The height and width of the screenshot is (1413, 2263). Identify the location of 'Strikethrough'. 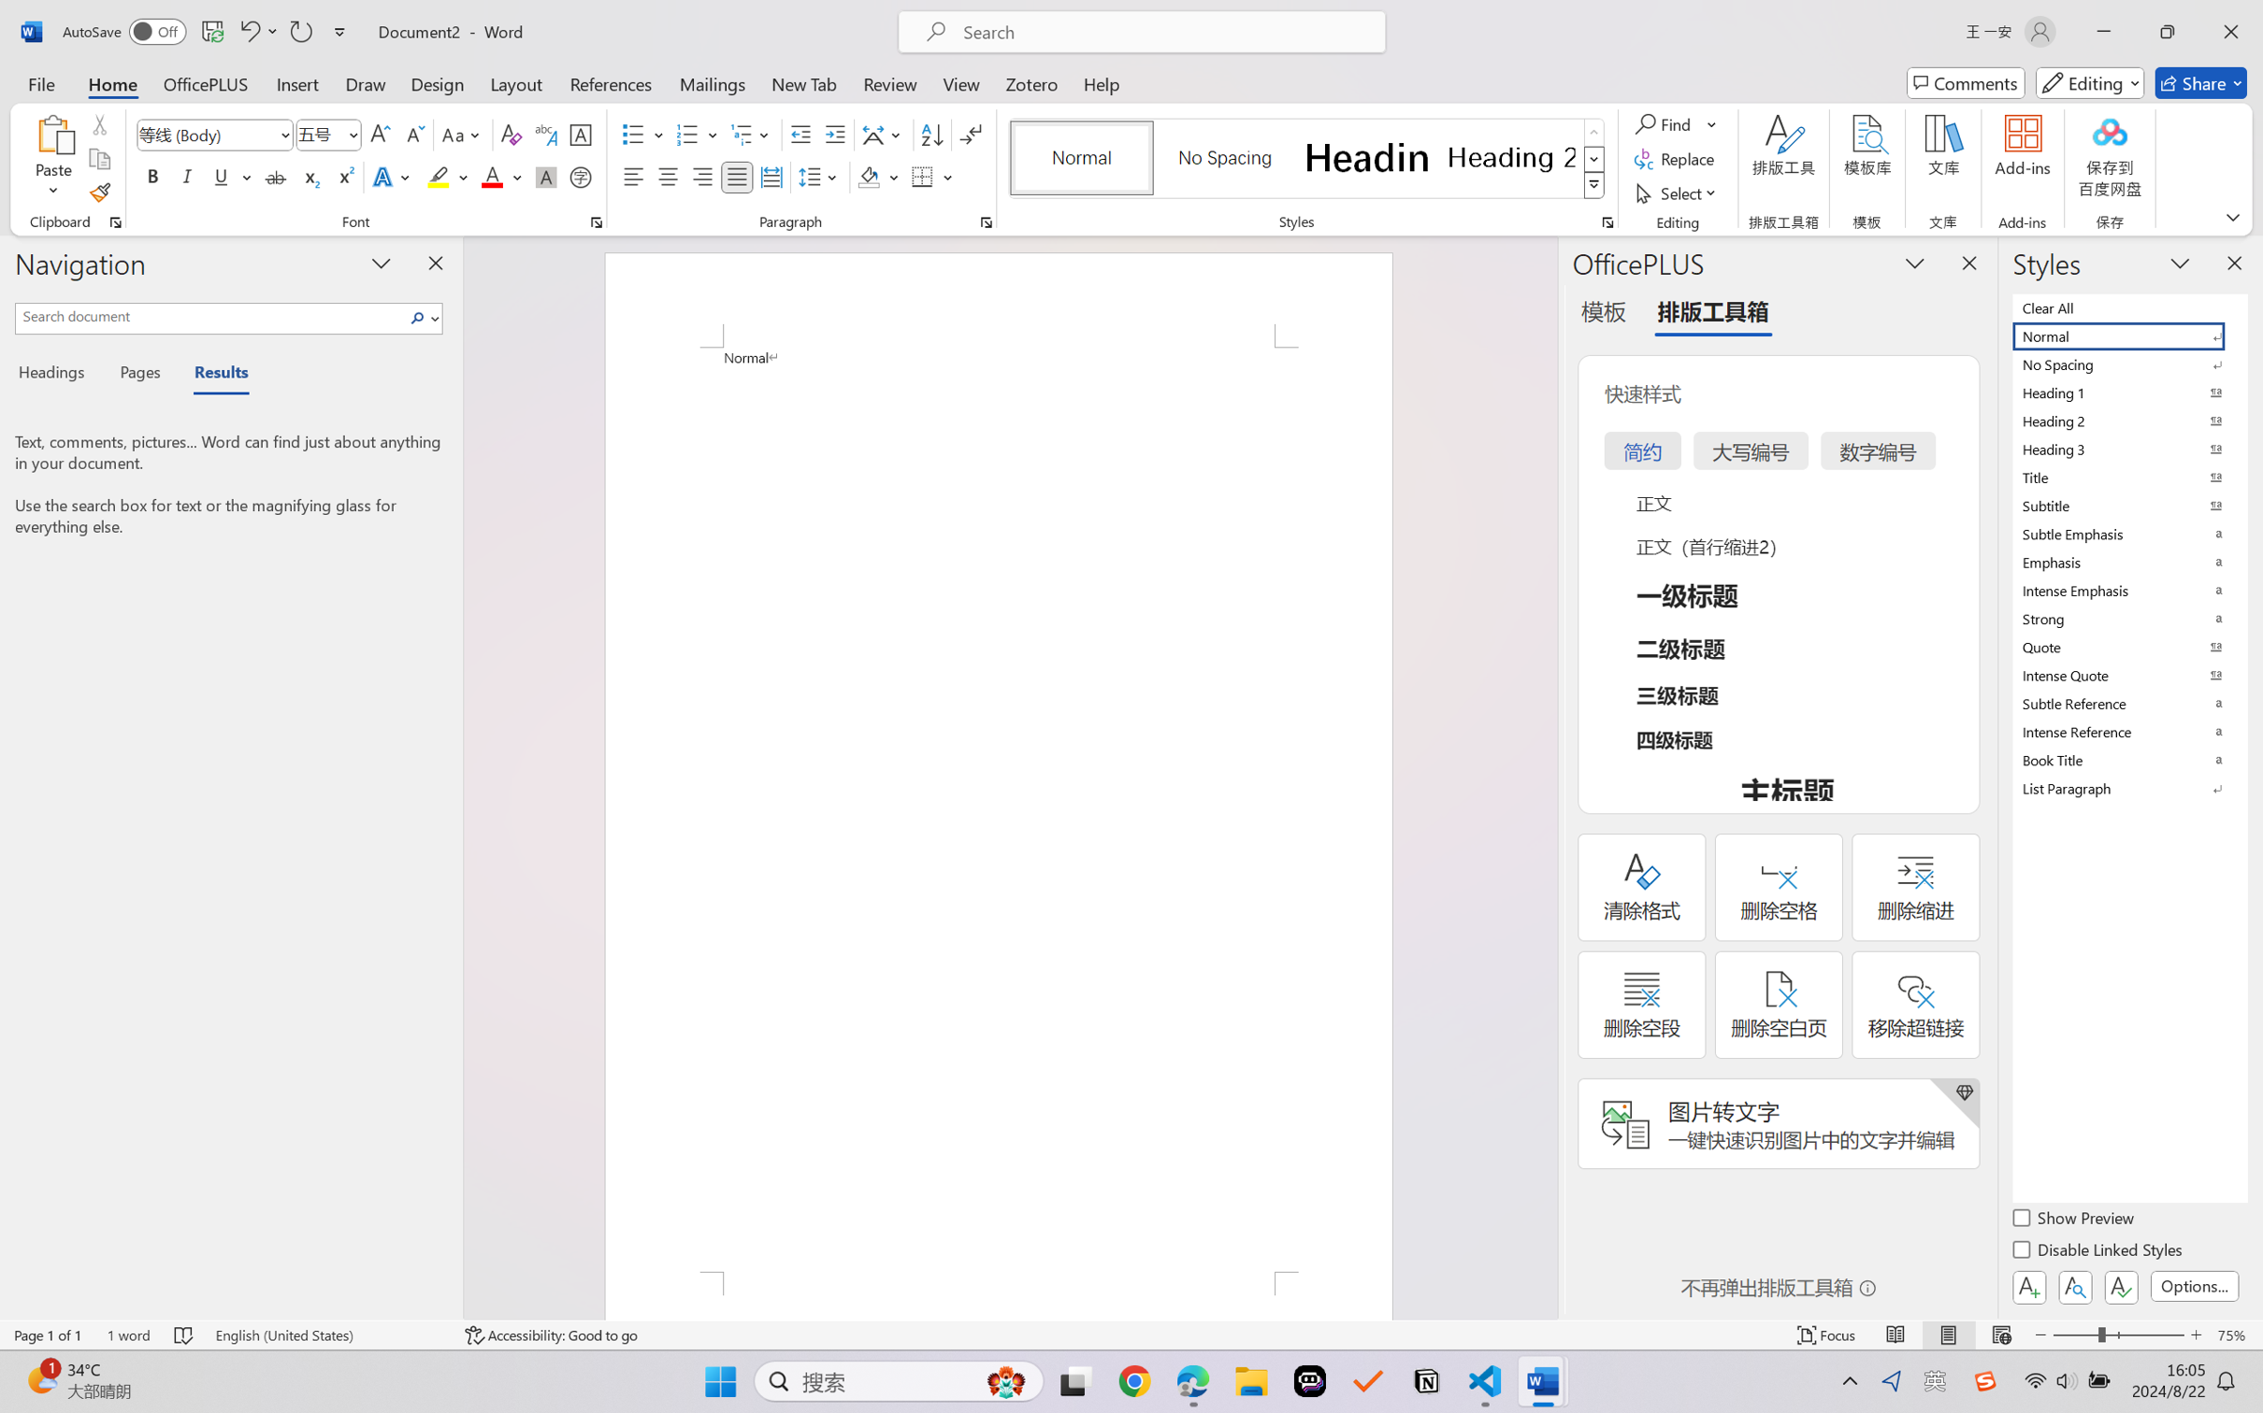
(275, 176).